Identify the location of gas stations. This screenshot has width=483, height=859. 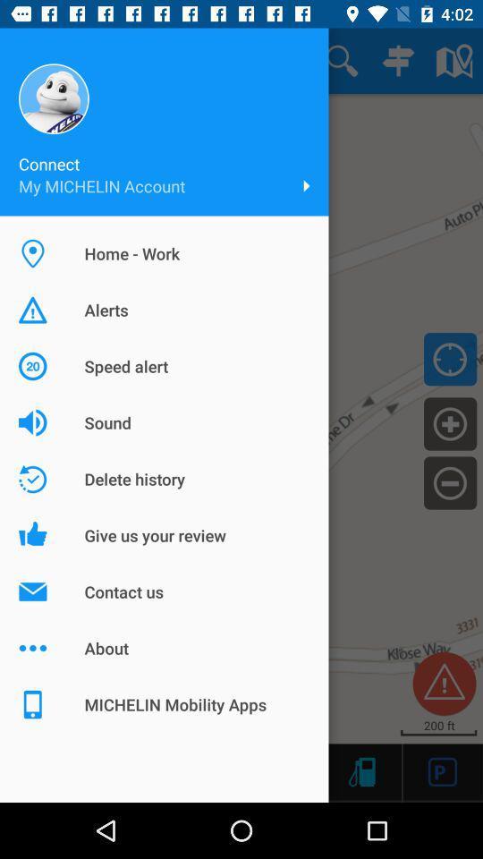
(361, 770).